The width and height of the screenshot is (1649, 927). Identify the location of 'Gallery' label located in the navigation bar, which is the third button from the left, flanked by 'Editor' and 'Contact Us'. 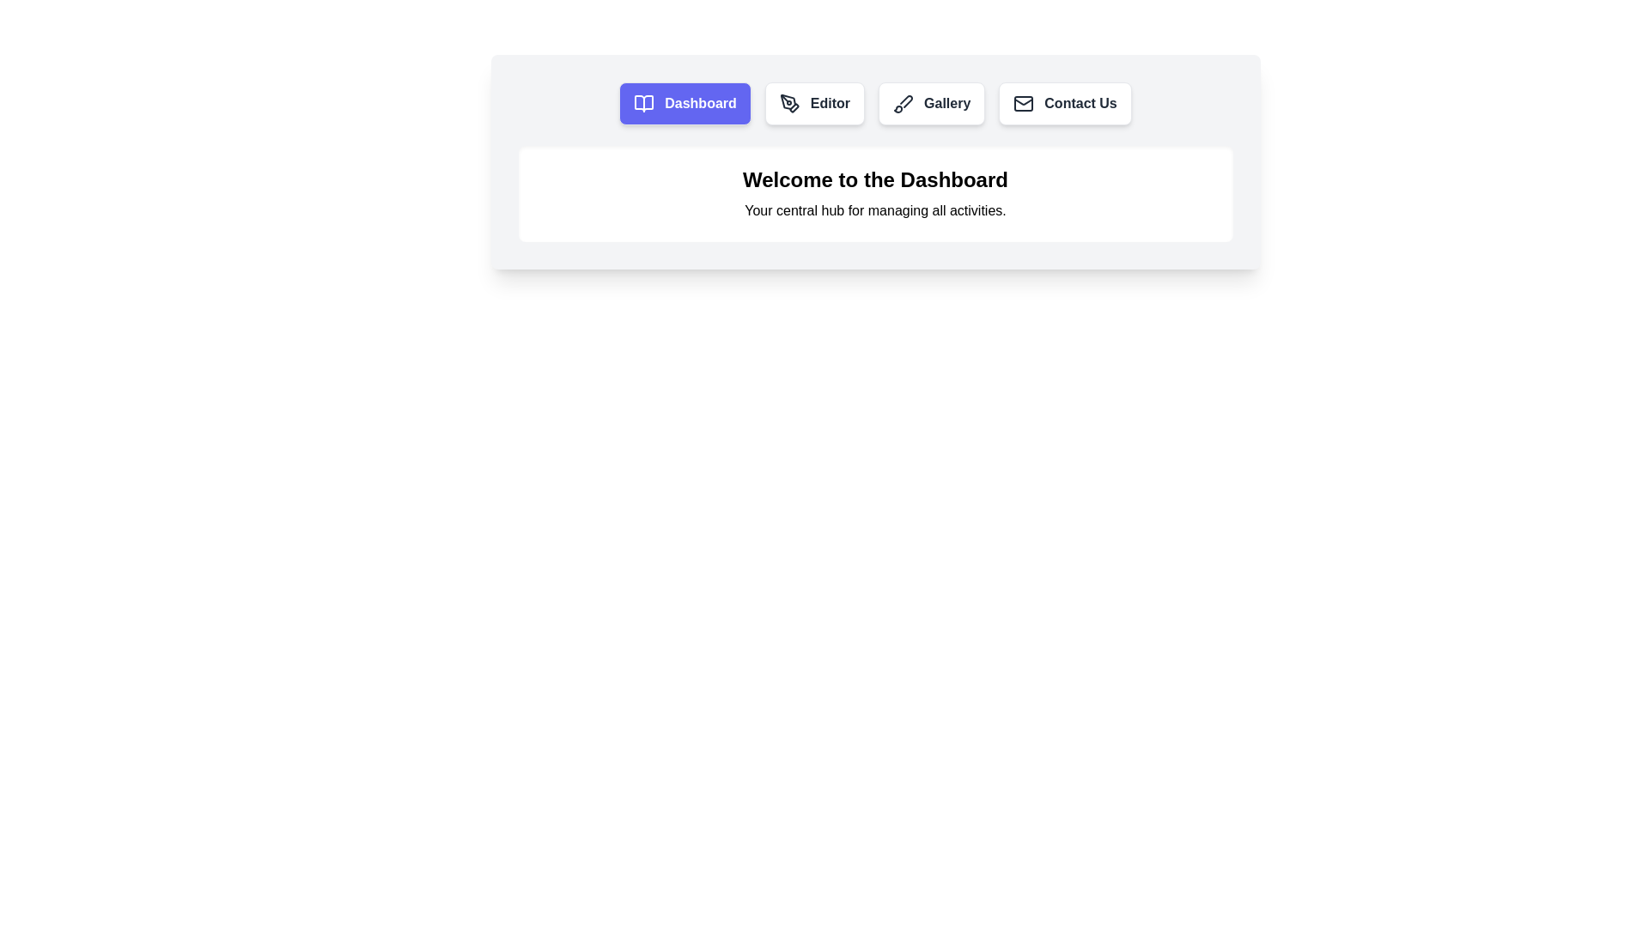
(946, 103).